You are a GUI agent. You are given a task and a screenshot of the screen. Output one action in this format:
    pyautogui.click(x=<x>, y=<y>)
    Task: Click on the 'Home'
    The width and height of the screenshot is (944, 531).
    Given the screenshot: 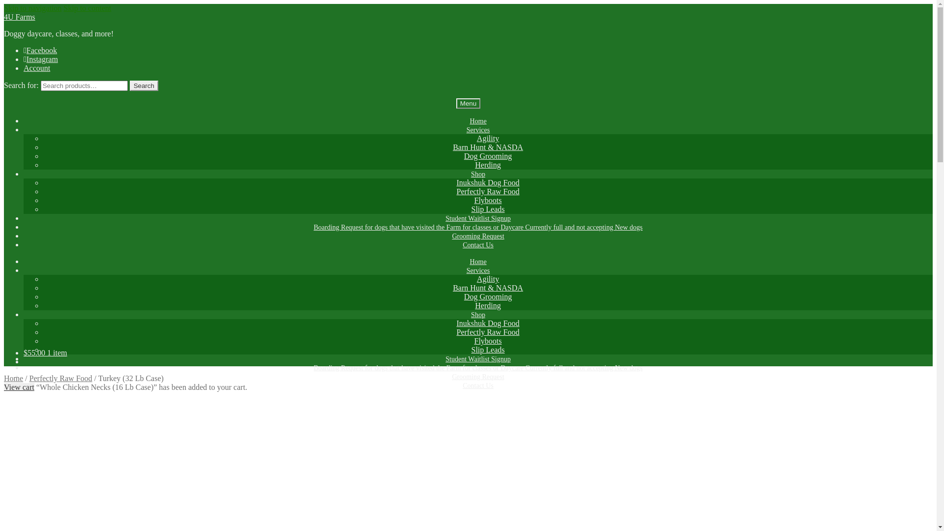 What is the action you would take?
    pyautogui.click(x=478, y=120)
    